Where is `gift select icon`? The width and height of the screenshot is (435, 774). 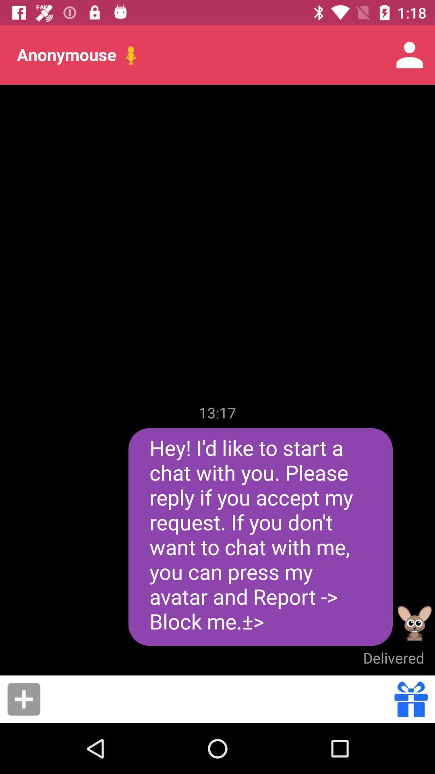
gift select icon is located at coordinates (411, 699).